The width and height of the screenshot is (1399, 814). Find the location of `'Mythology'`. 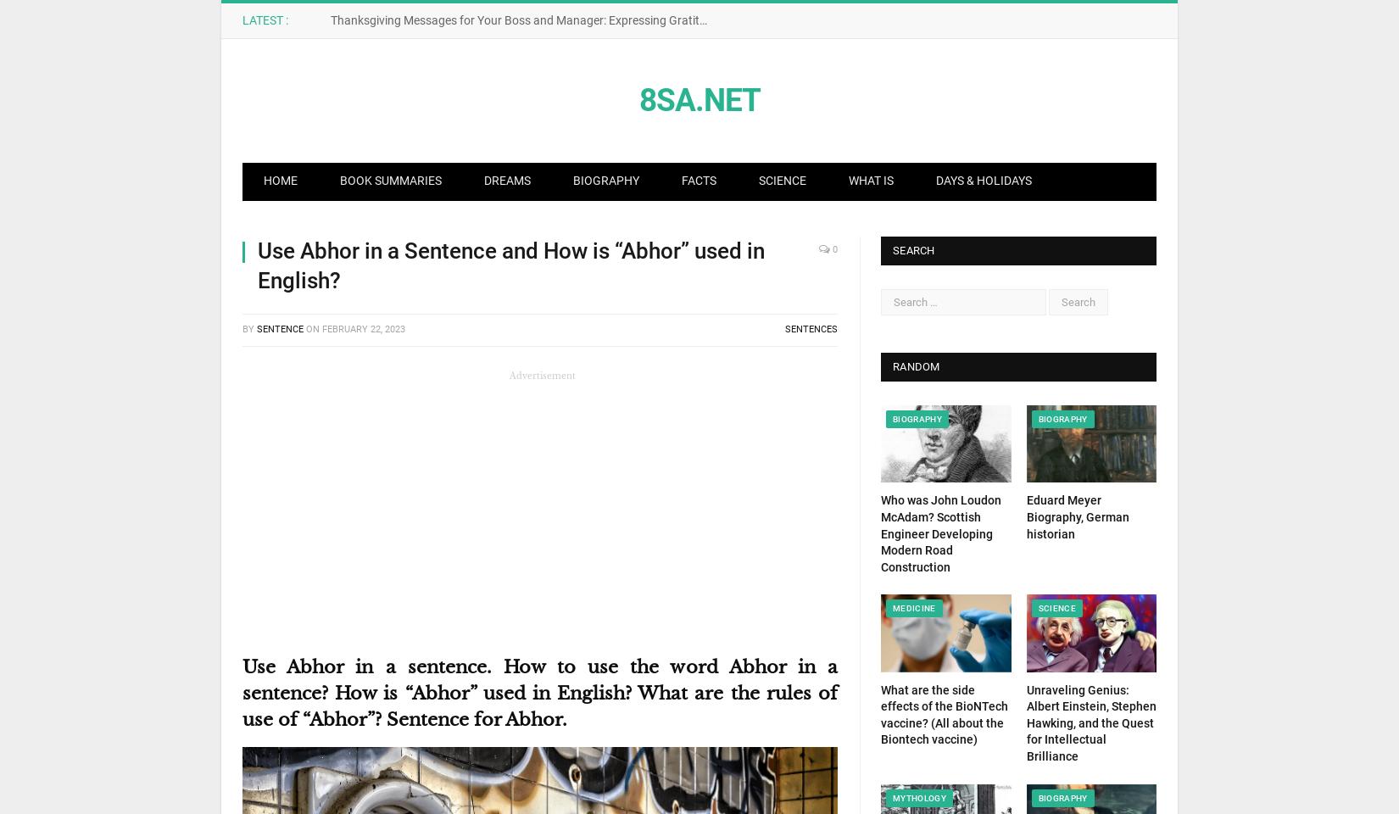

'Mythology' is located at coordinates (919, 797).